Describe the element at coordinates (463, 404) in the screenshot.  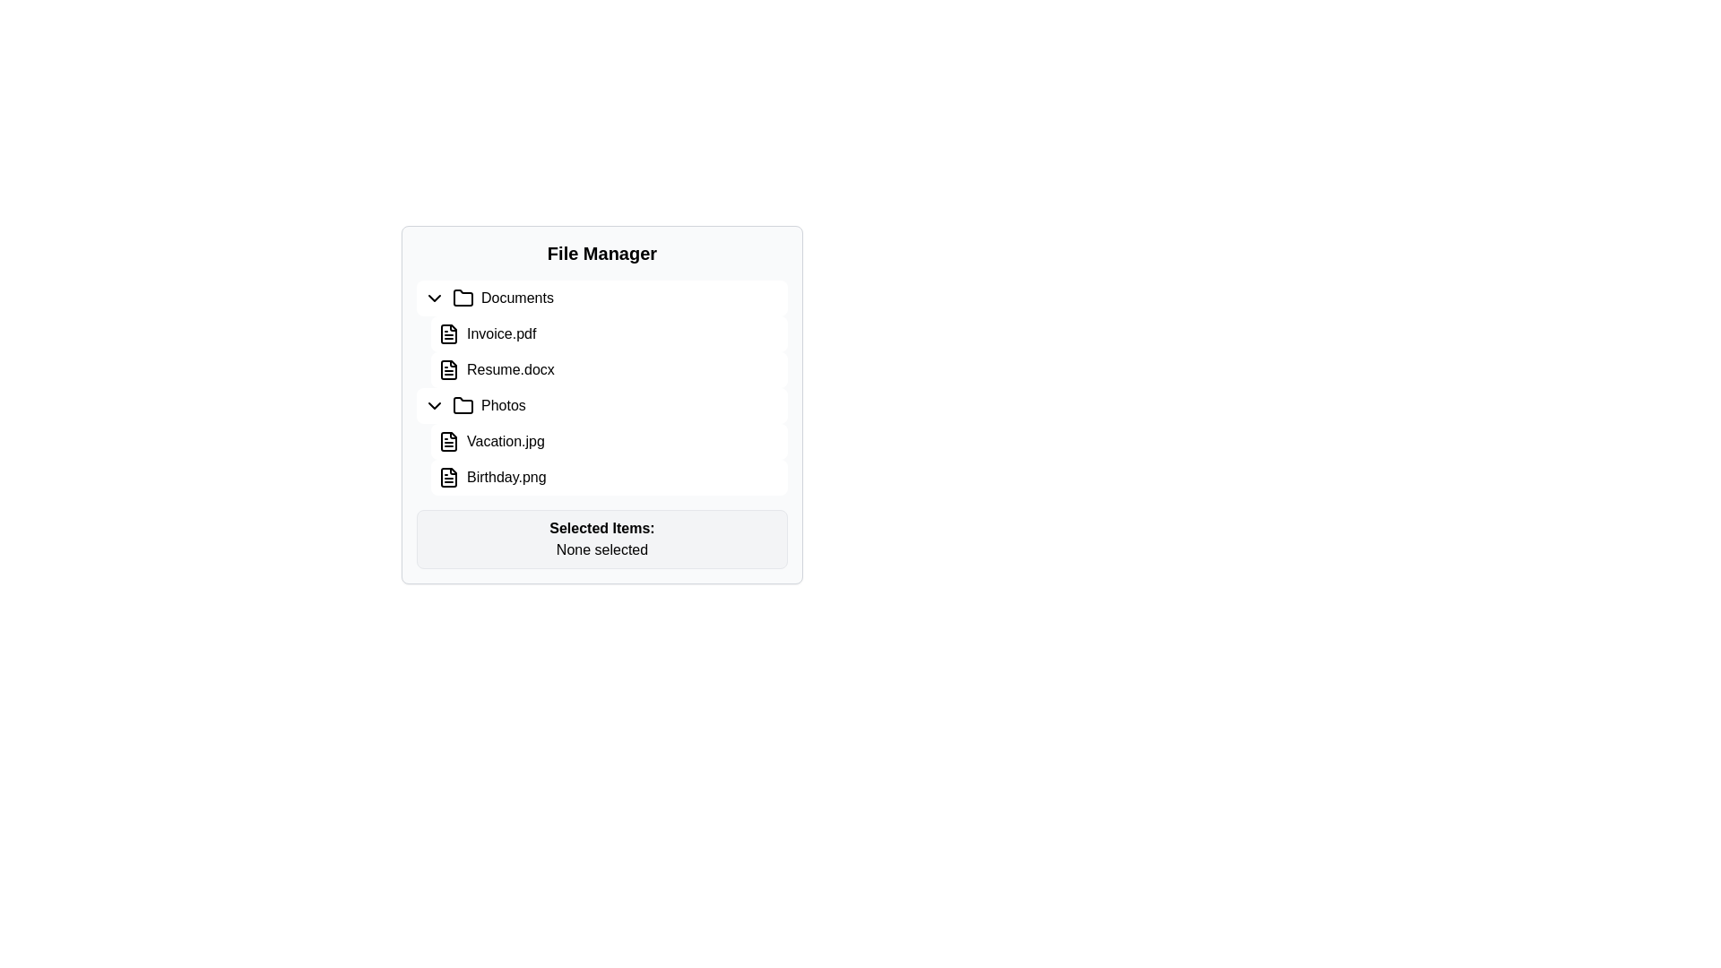
I see `the 'Photos' folder icon in the file manager, which is located to the left of the text label 'Photos'` at that location.